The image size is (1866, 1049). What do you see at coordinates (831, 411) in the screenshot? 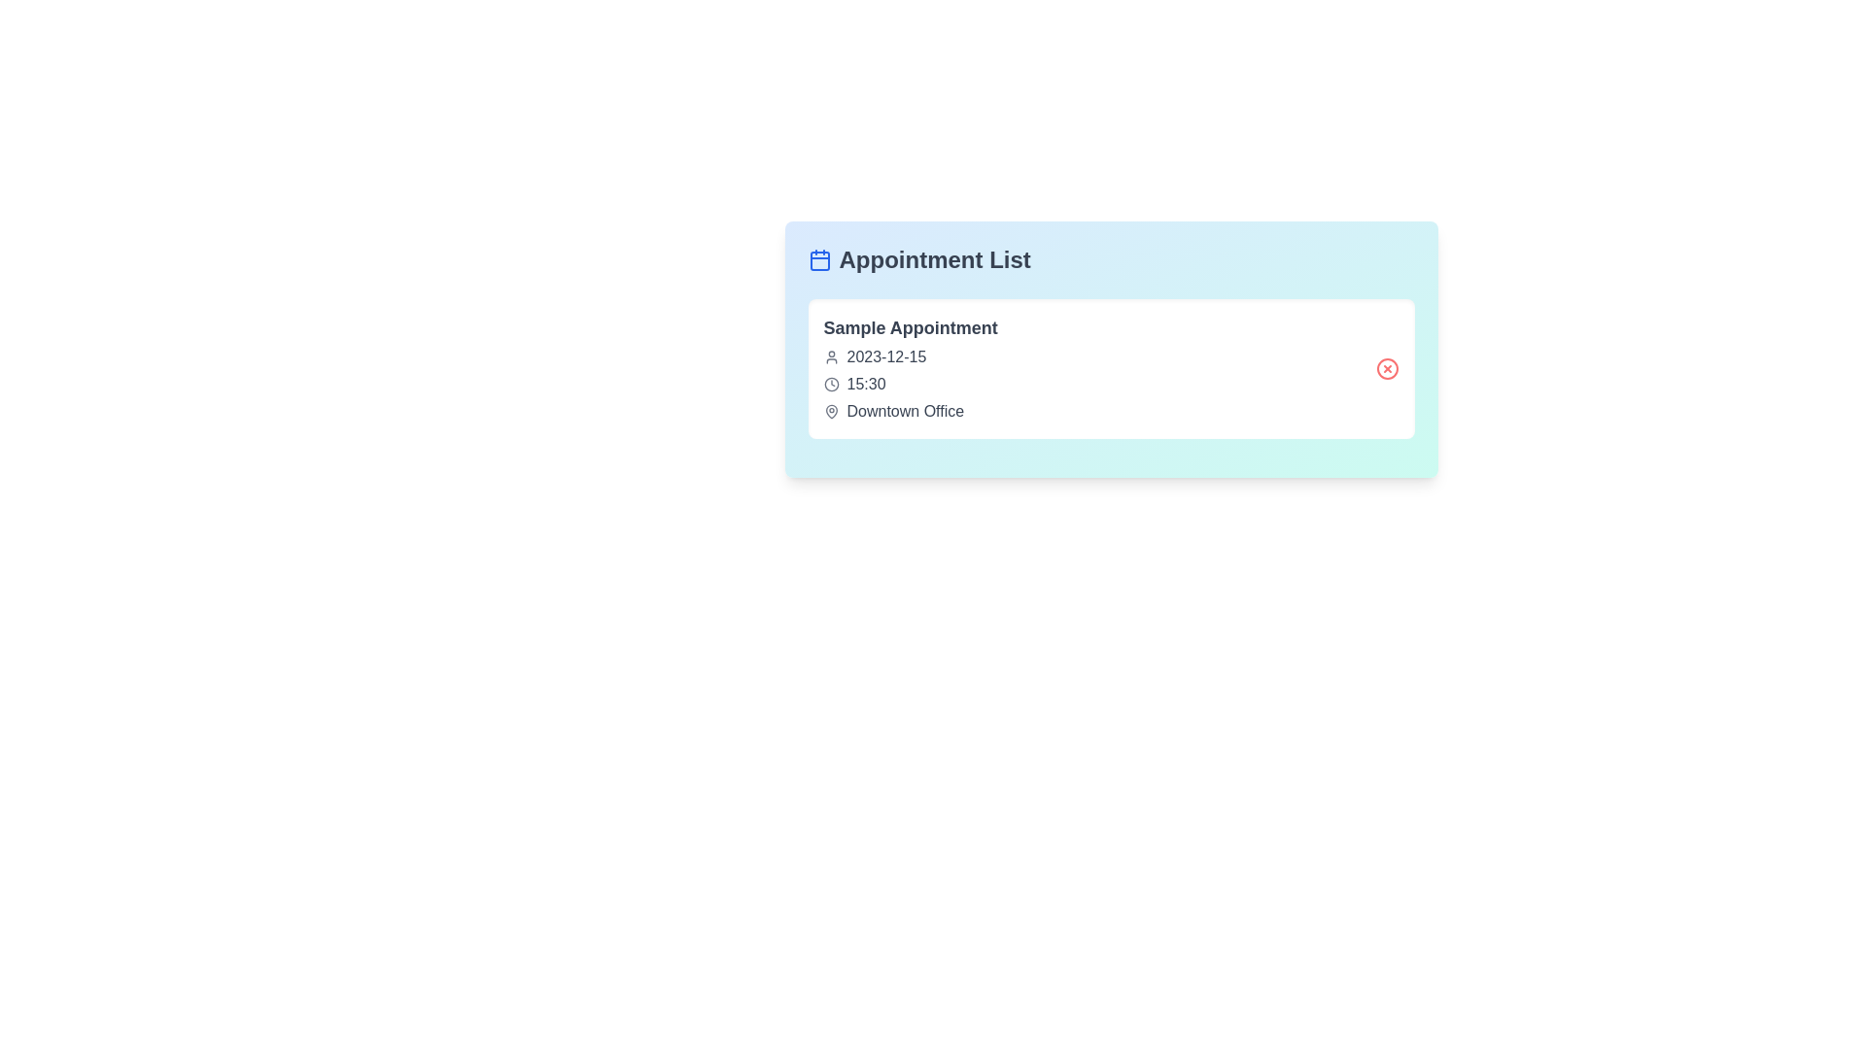
I see `the map pin icon located in the third row of the appointment details card, positioned immediately to the left of the text 'Downtown Office'` at bounding box center [831, 411].